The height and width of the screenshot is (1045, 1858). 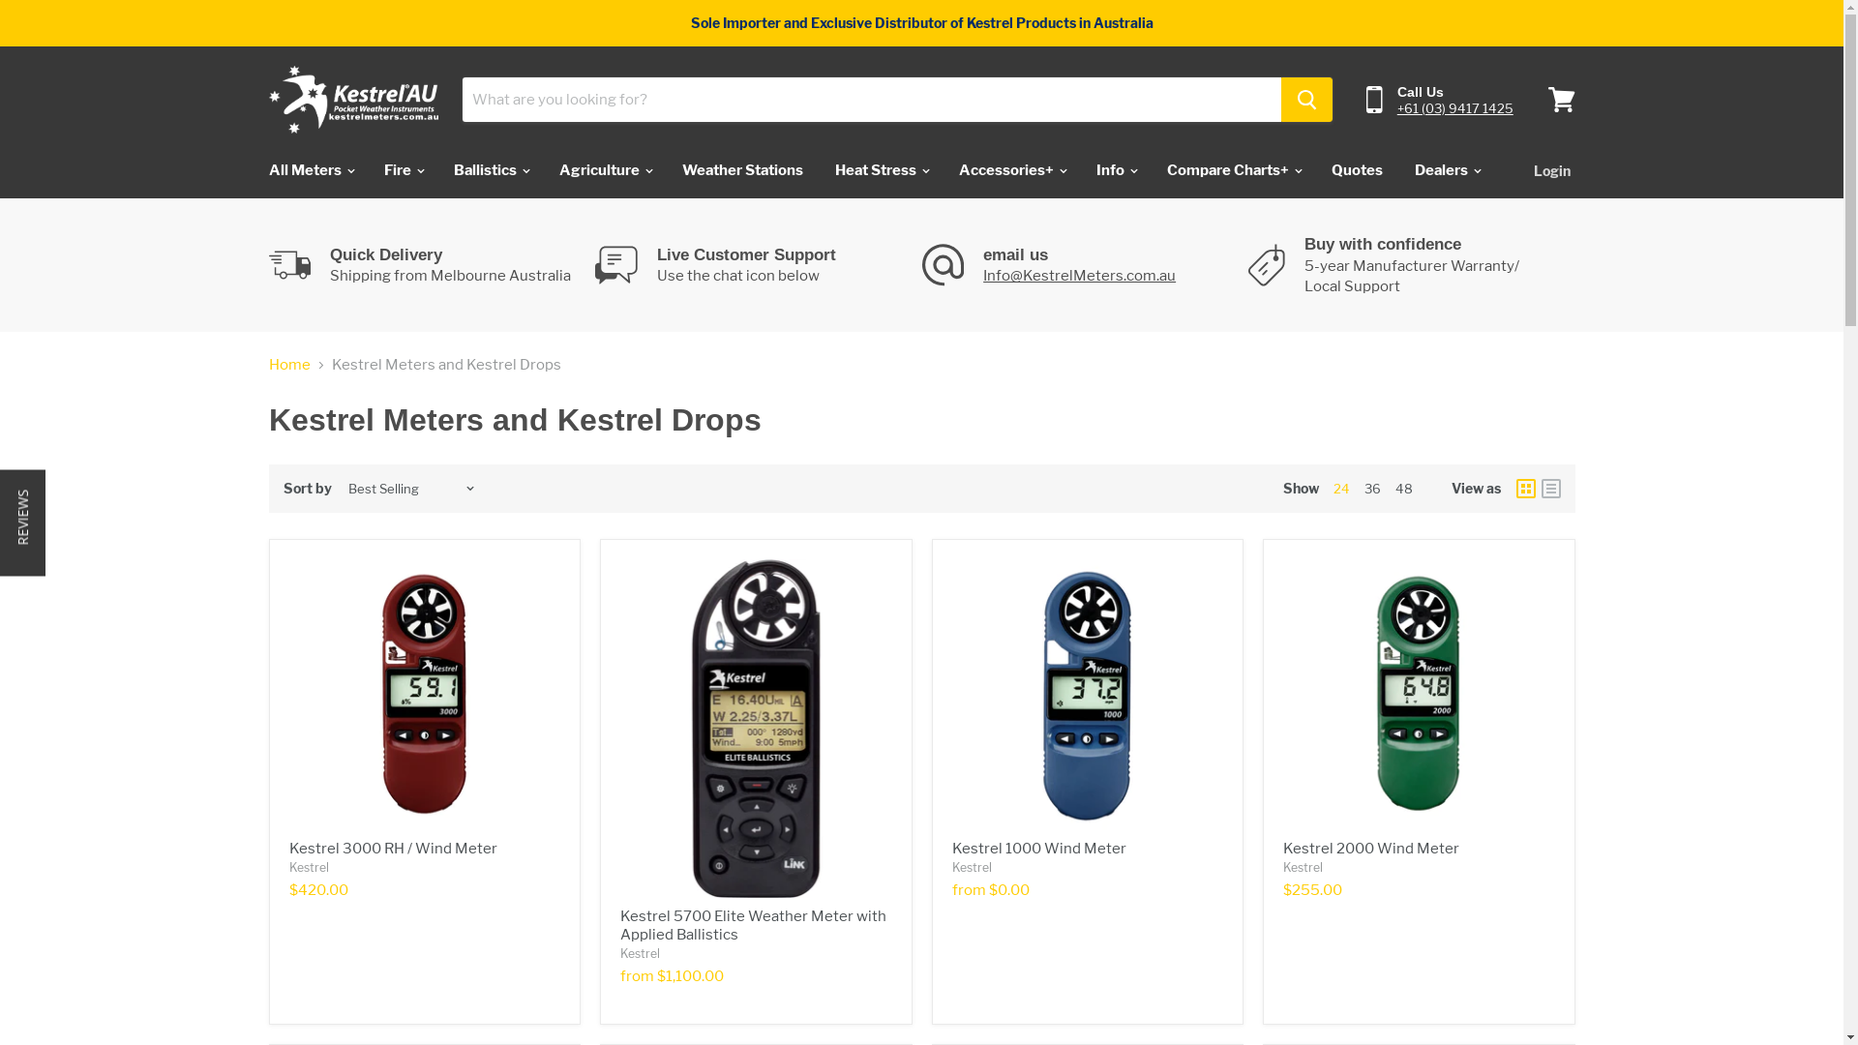 What do you see at coordinates (880, 169) in the screenshot?
I see `'Heat Stress'` at bounding box center [880, 169].